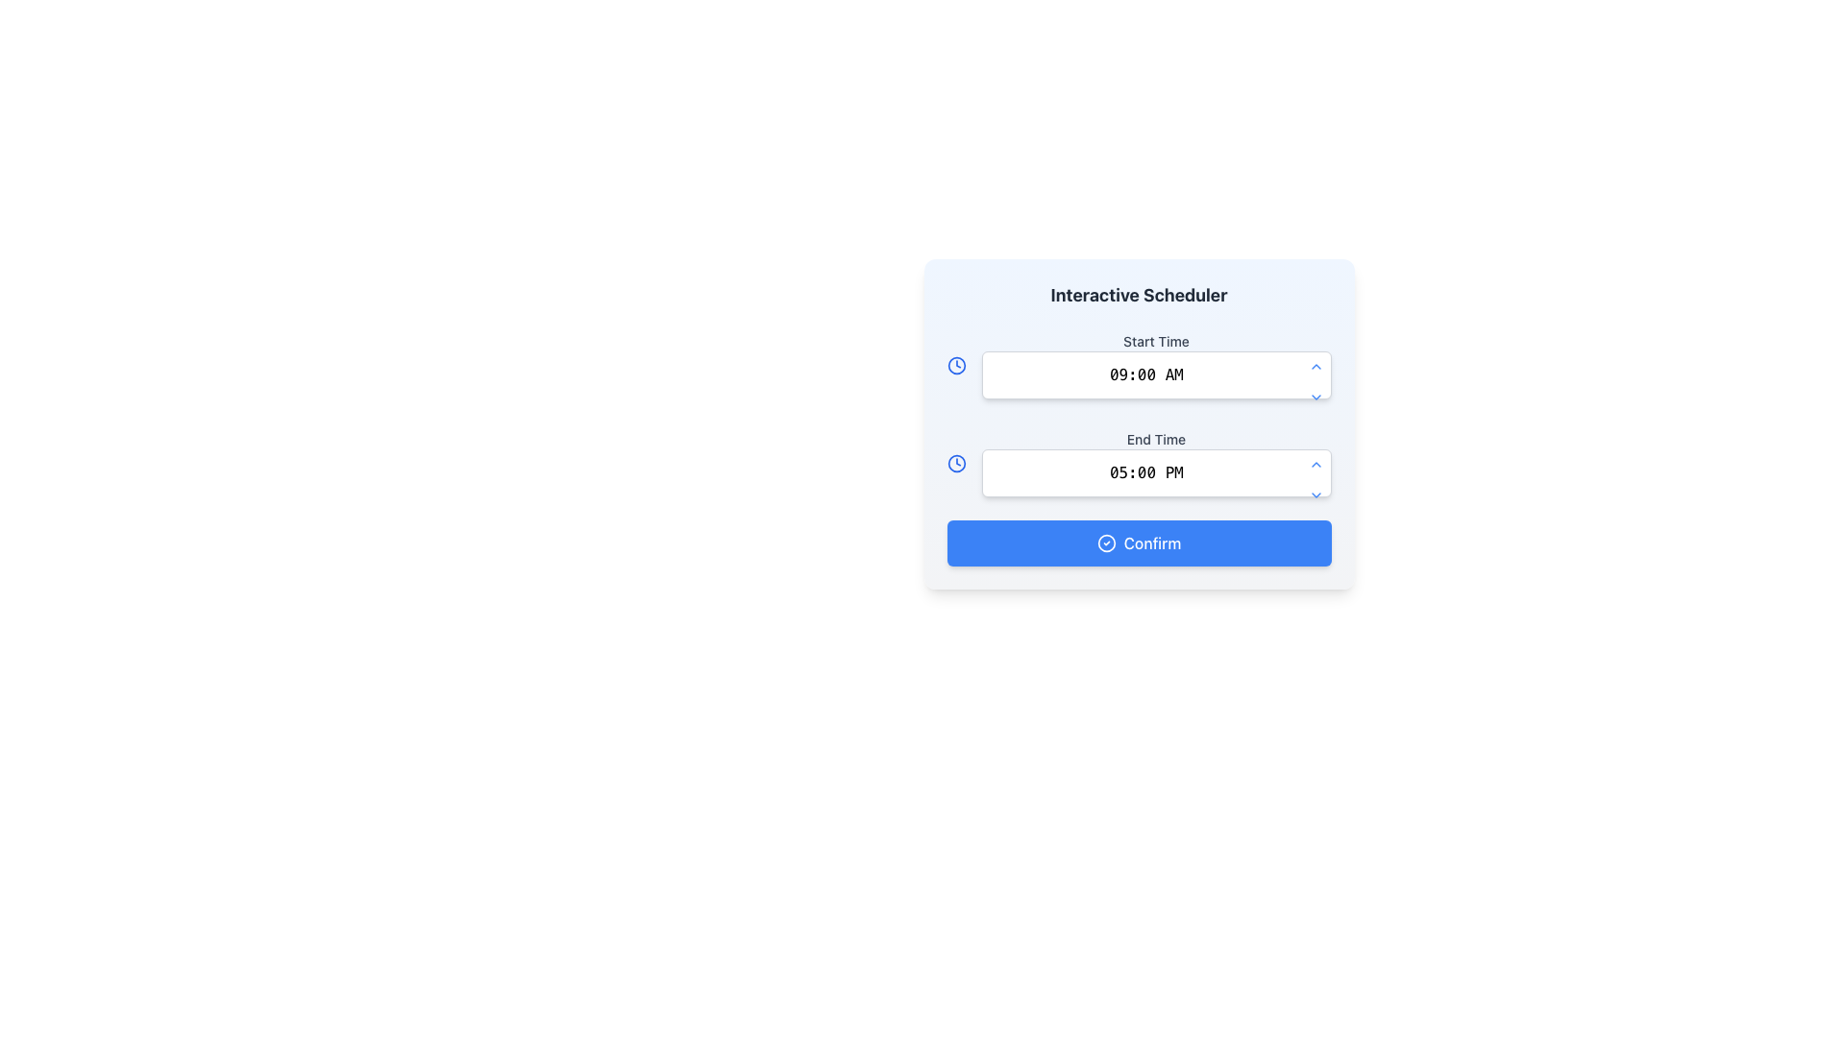 The height and width of the screenshot is (1037, 1845). I want to click on the clock icon with a blue outline, which is positioned to the left of the 'End Time' label and input box, so click(956, 463).